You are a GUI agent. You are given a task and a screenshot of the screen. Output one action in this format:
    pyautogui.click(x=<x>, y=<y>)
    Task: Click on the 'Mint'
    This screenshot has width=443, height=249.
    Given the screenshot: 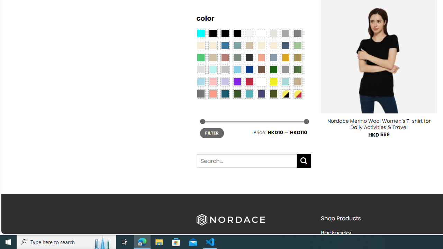 What is the action you would take?
    pyautogui.click(x=213, y=69)
    